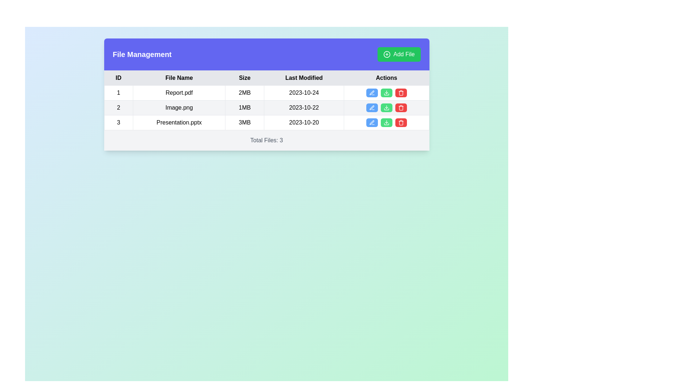 The width and height of the screenshot is (697, 392). I want to click on the icon representing the 'Add File' button, which is located to the left of the label text 'Add File' in the top-right corner of the interface, so click(386, 54).